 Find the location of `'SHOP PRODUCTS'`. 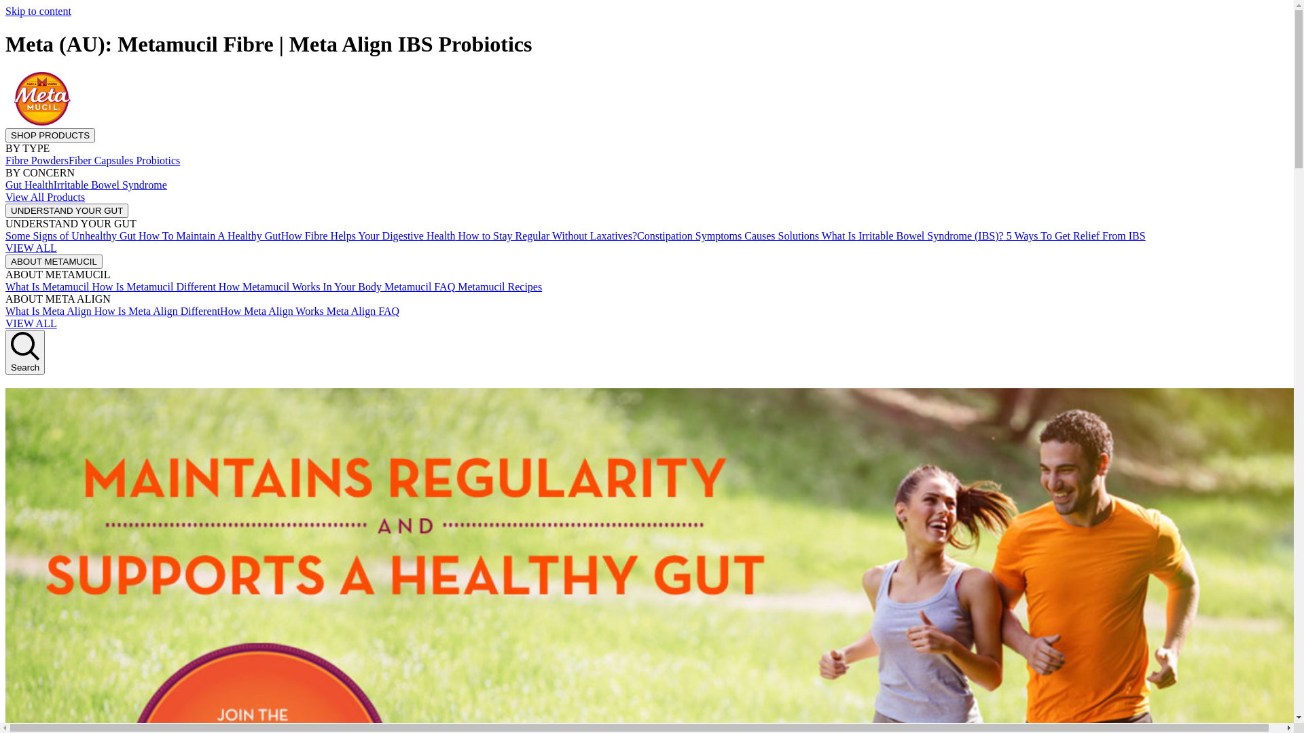

'SHOP PRODUCTS' is located at coordinates (50, 134).